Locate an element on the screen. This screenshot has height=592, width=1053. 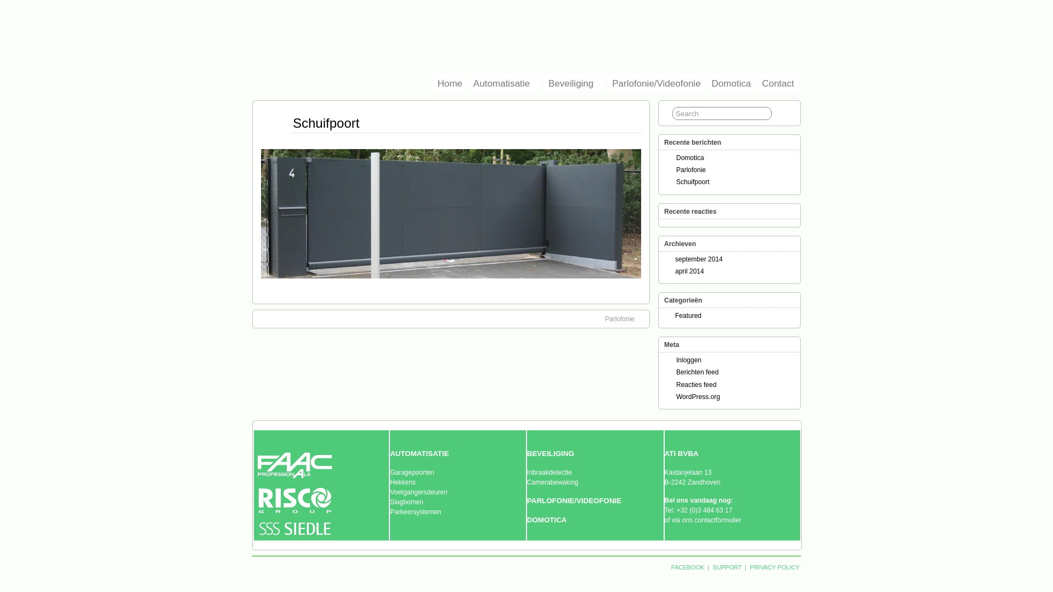
'DOMOTICA' is located at coordinates (547, 519).